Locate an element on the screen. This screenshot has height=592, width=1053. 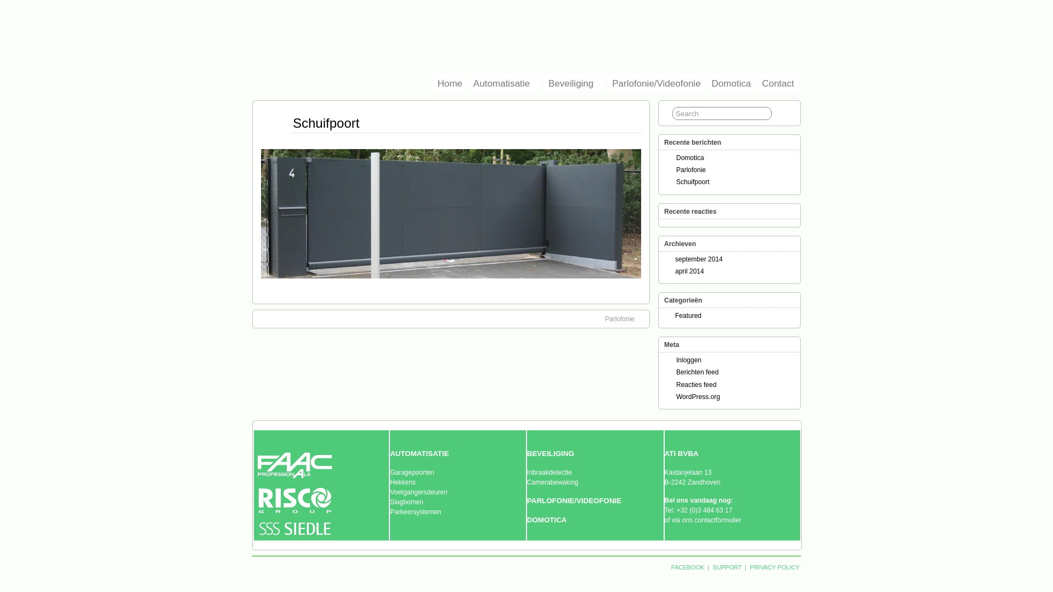
'DOMOTICA' is located at coordinates (547, 519).